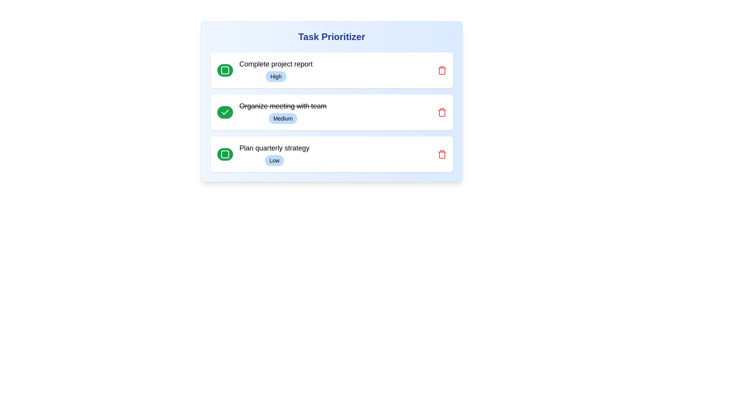 The height and width of the screenshot is (420, 748). I want to click on the interactive areas surrounding the 'Complete project report' text label with a 'High' priority badge, which is the first item in the task list under 'Task Prioritizer', so click(265, 70).